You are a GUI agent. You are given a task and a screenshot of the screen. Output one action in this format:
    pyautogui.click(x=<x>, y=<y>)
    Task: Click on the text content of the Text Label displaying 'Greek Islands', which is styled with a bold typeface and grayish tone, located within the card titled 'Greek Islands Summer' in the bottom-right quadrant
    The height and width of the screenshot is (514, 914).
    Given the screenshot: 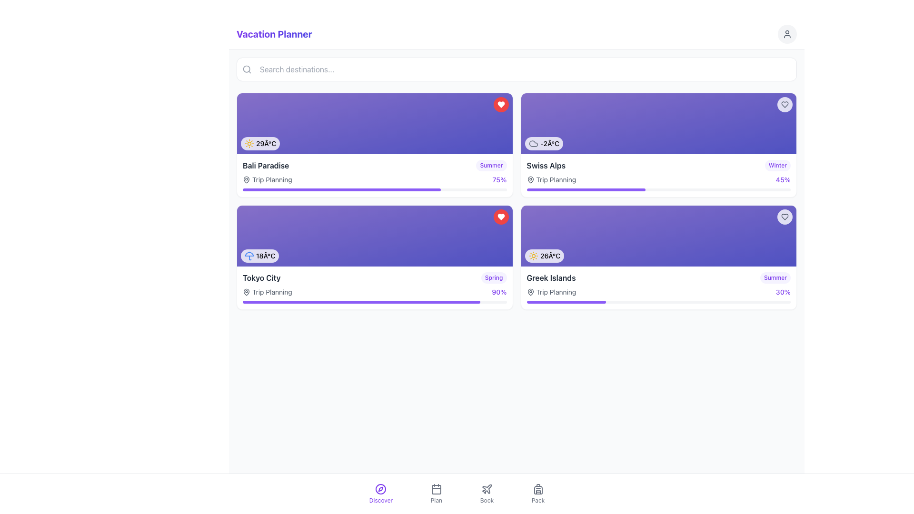 What is the action you would take?
    pyautogui.click(x=551, y=277)
    